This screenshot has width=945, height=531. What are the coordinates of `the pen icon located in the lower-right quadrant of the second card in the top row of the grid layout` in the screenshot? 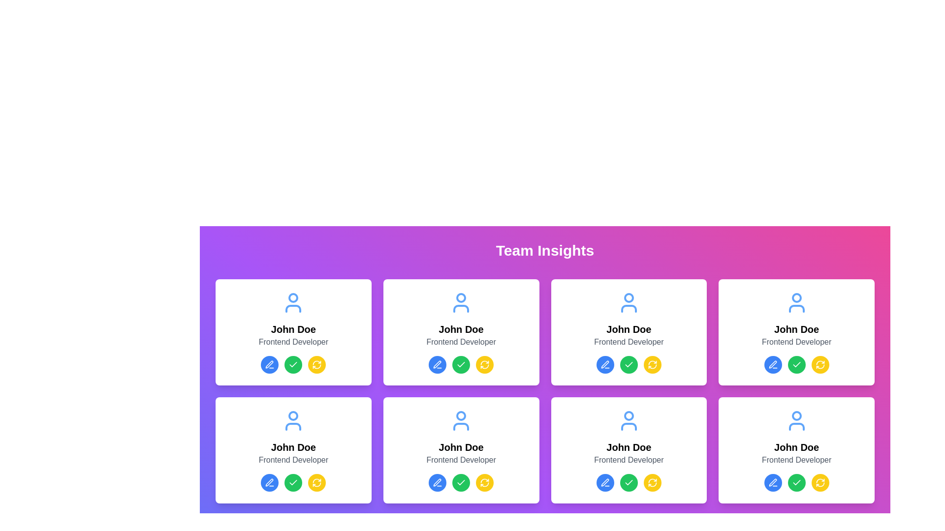 It's located at (772, 364).